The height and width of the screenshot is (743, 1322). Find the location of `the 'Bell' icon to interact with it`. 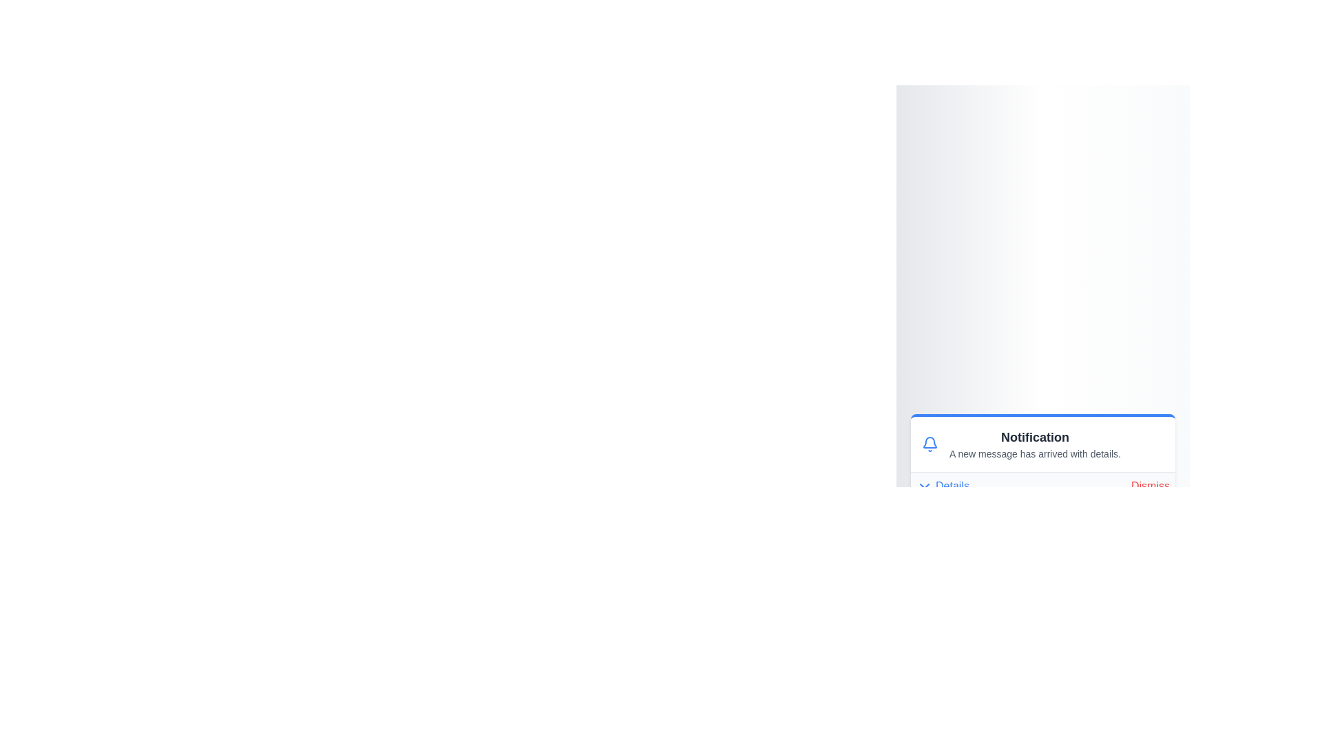

the 'Bell' icon to interact with it is located at coordinates (930, 443).